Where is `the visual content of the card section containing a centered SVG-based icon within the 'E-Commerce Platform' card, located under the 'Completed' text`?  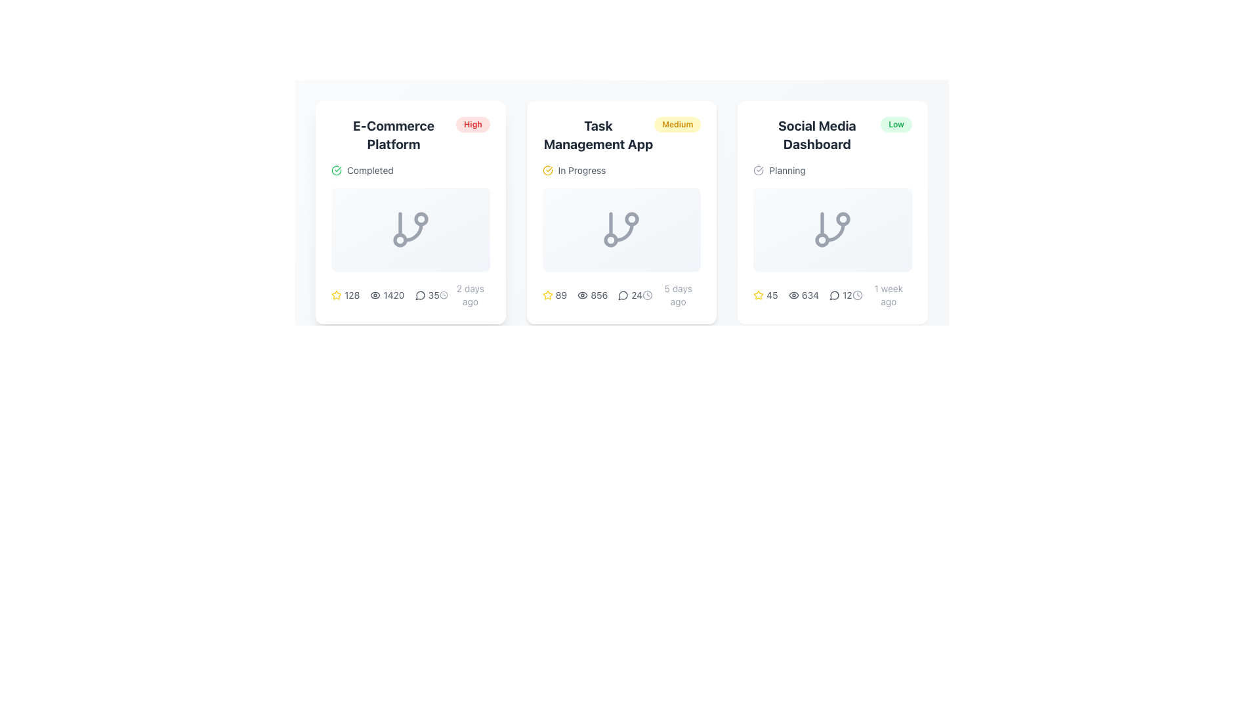
the visual content of the card section containing a centered SVG-based icon within the 'E-Commerce Platform' card, located under the 'Completed' text is located at coordinates (409, 229).